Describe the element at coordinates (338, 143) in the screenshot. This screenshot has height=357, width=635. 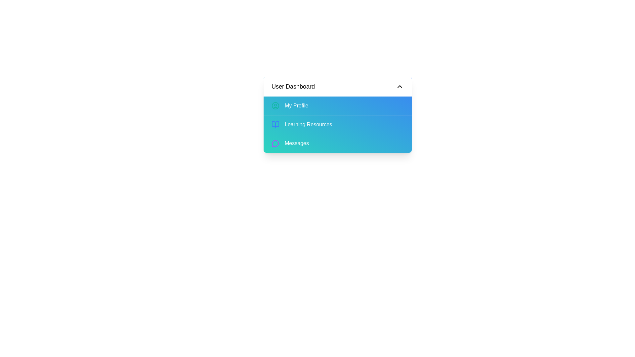
I see `the 'Messages' option in the menu` at that location.